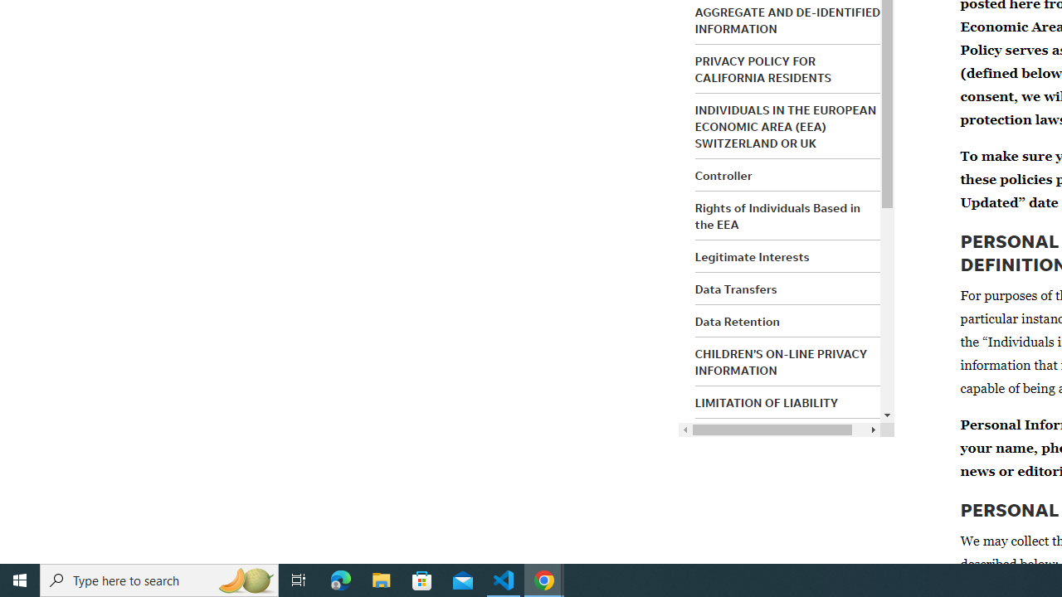 The height and width of the screenshot is (597, 1062). I want to click on 'LIMITATION OF LIABILITY', so click(766, 403).